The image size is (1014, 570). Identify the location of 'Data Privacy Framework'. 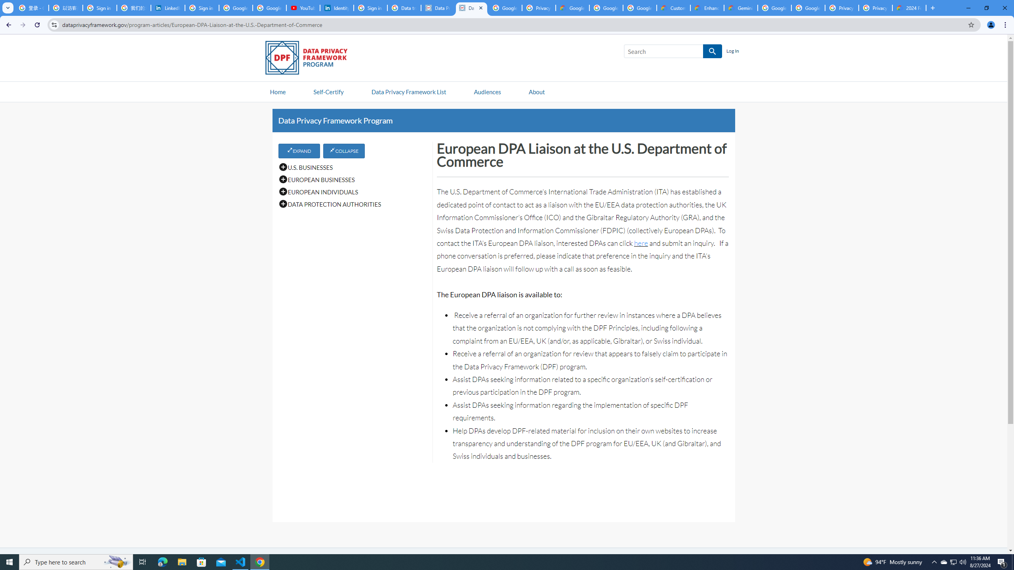
(471, 8).